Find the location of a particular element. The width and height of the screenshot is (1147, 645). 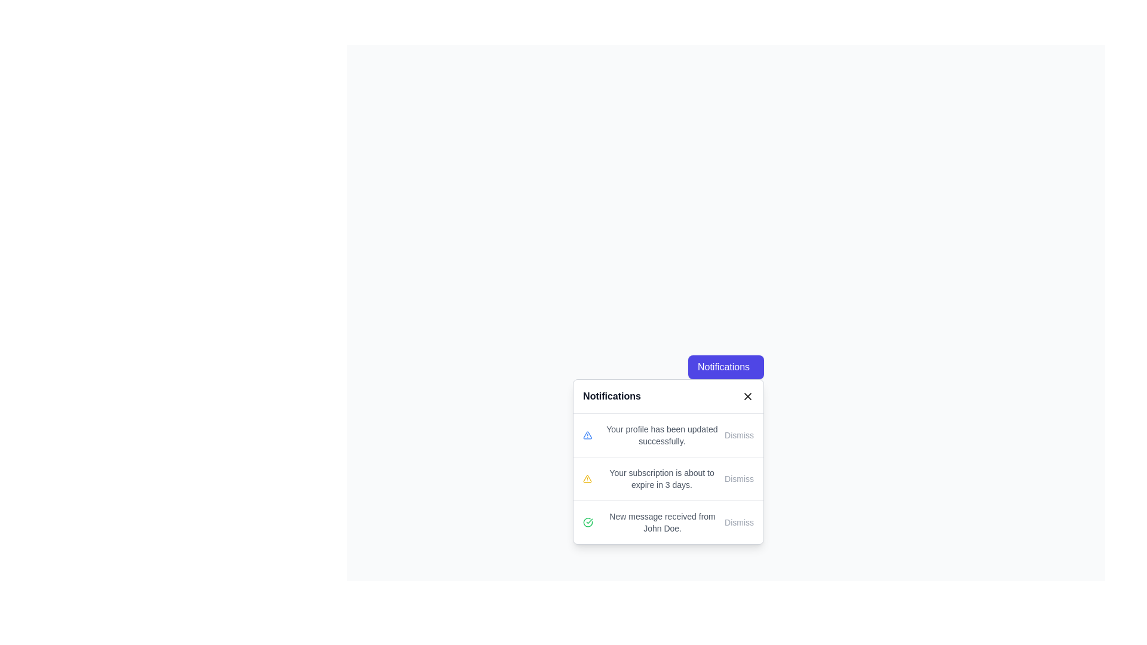

the third notification item in the notification list, which includes a green check icon and the text 'New message received from John Doe.' is located at coordinates (668, 521).